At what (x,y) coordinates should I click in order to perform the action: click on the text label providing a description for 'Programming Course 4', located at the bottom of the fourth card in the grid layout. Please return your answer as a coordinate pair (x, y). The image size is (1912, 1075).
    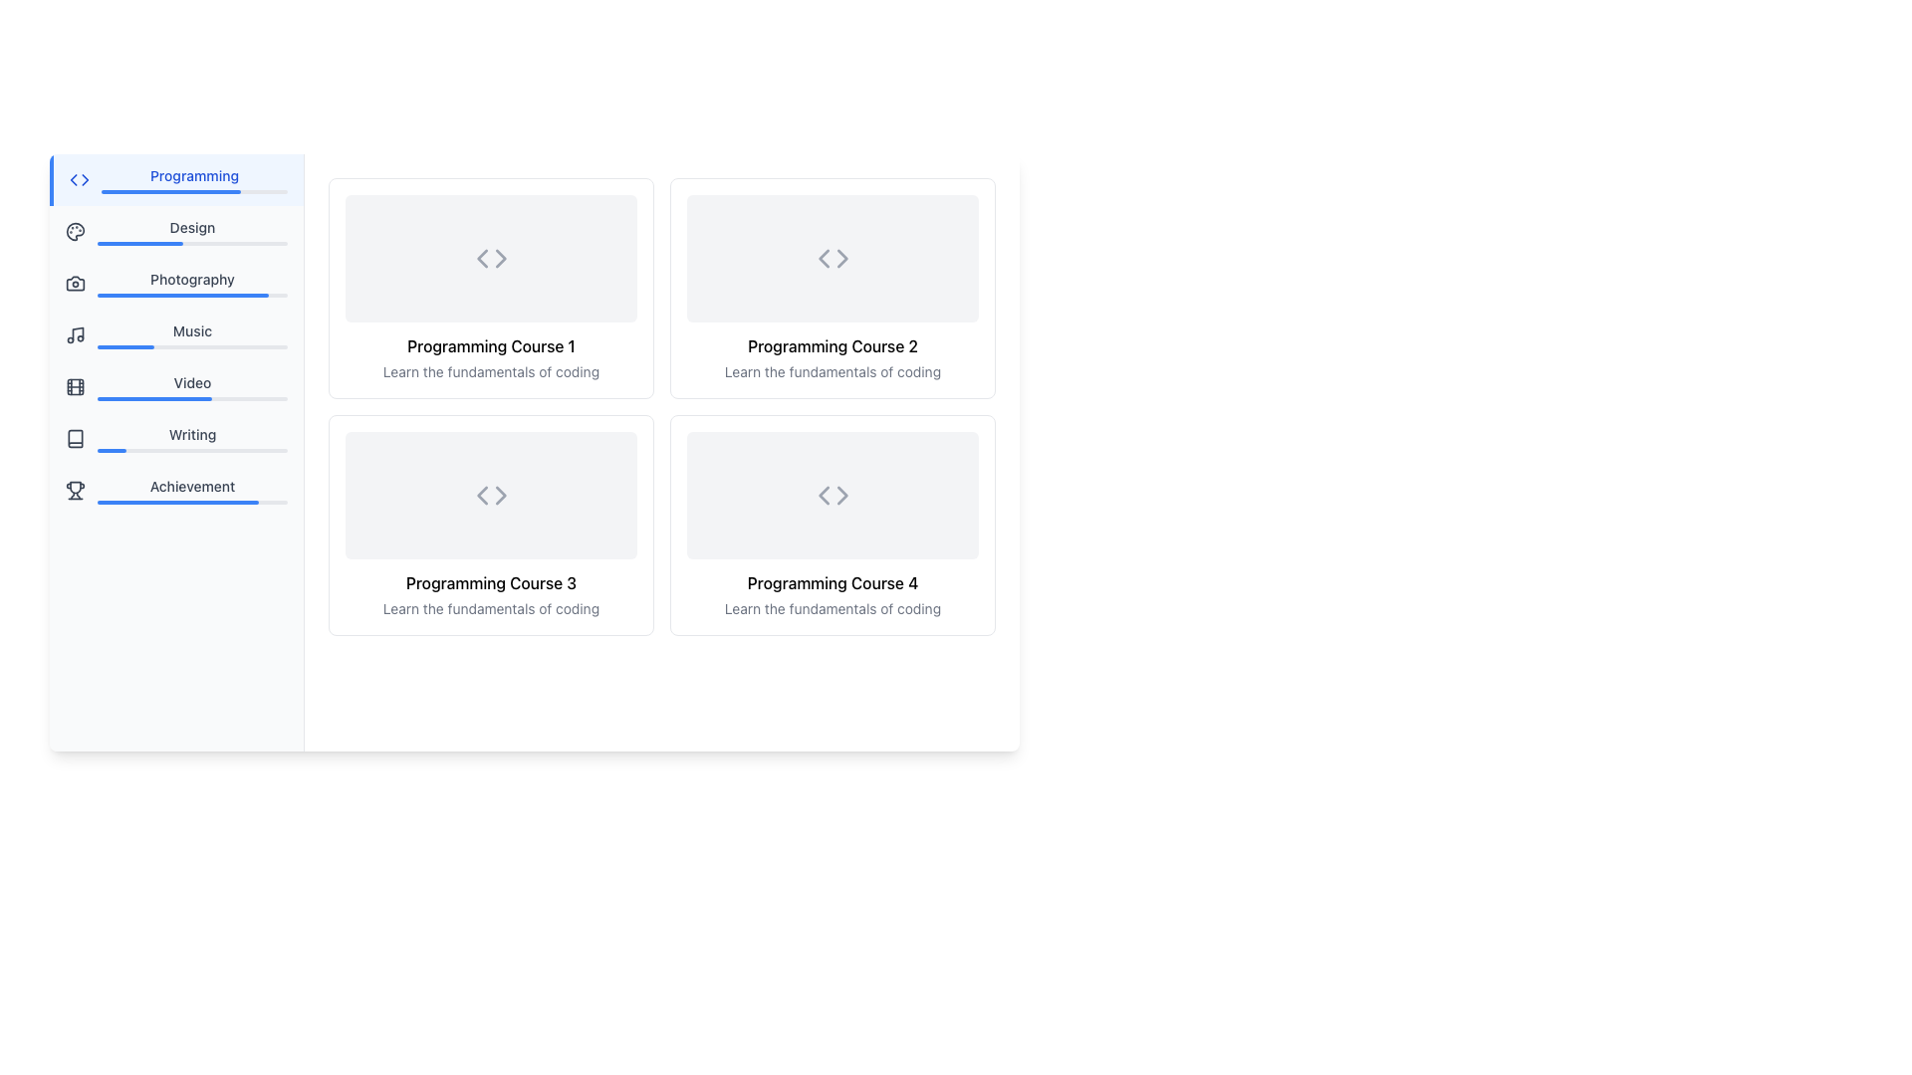
    Looking at the image, I should click on (833, 608).